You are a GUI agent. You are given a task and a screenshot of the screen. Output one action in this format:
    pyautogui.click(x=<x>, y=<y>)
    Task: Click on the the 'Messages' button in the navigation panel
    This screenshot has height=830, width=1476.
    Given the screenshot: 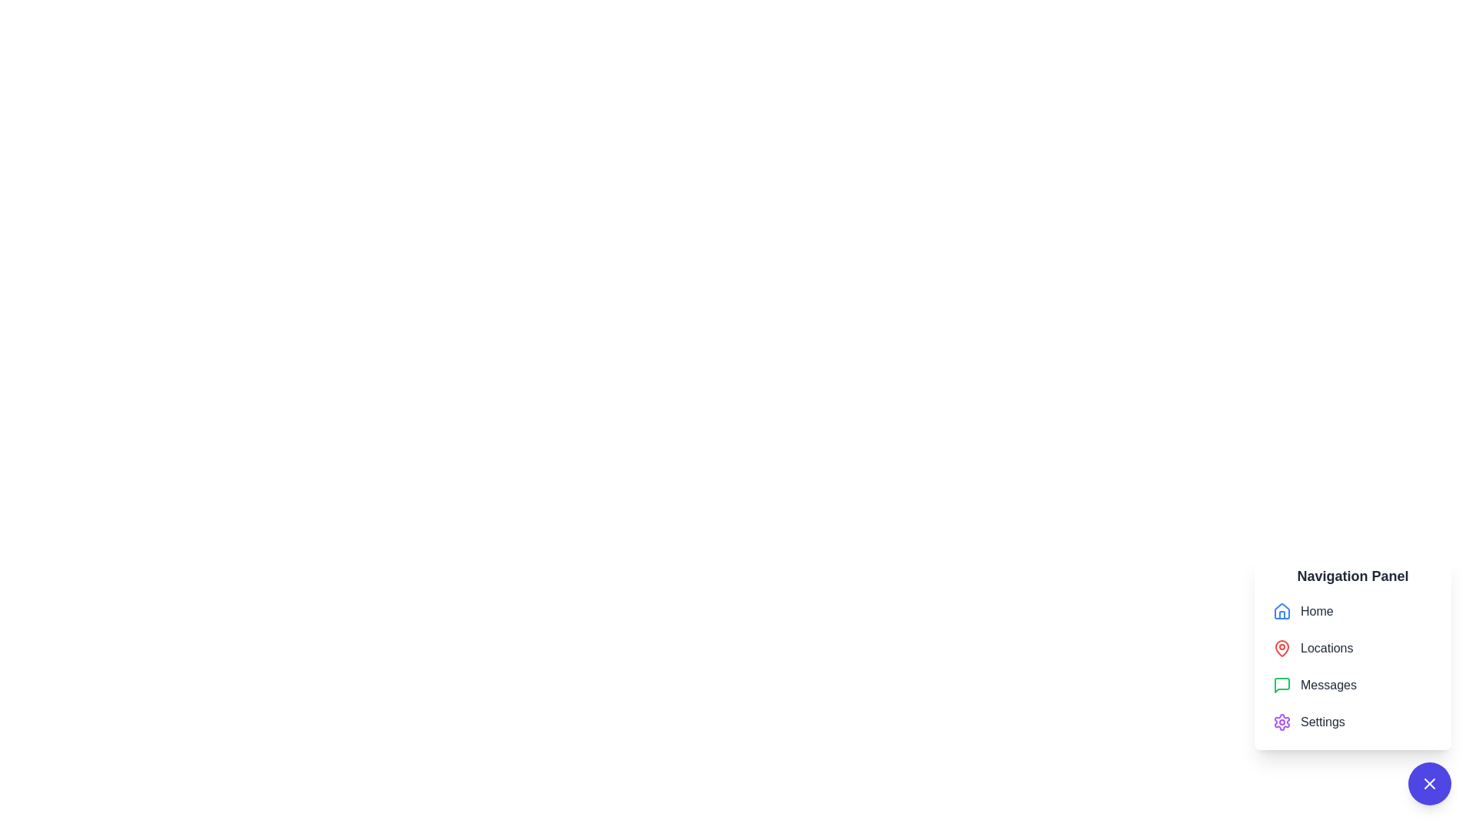 What is the action you would take?
    pyautogui.click(x=1353, y=684)
    